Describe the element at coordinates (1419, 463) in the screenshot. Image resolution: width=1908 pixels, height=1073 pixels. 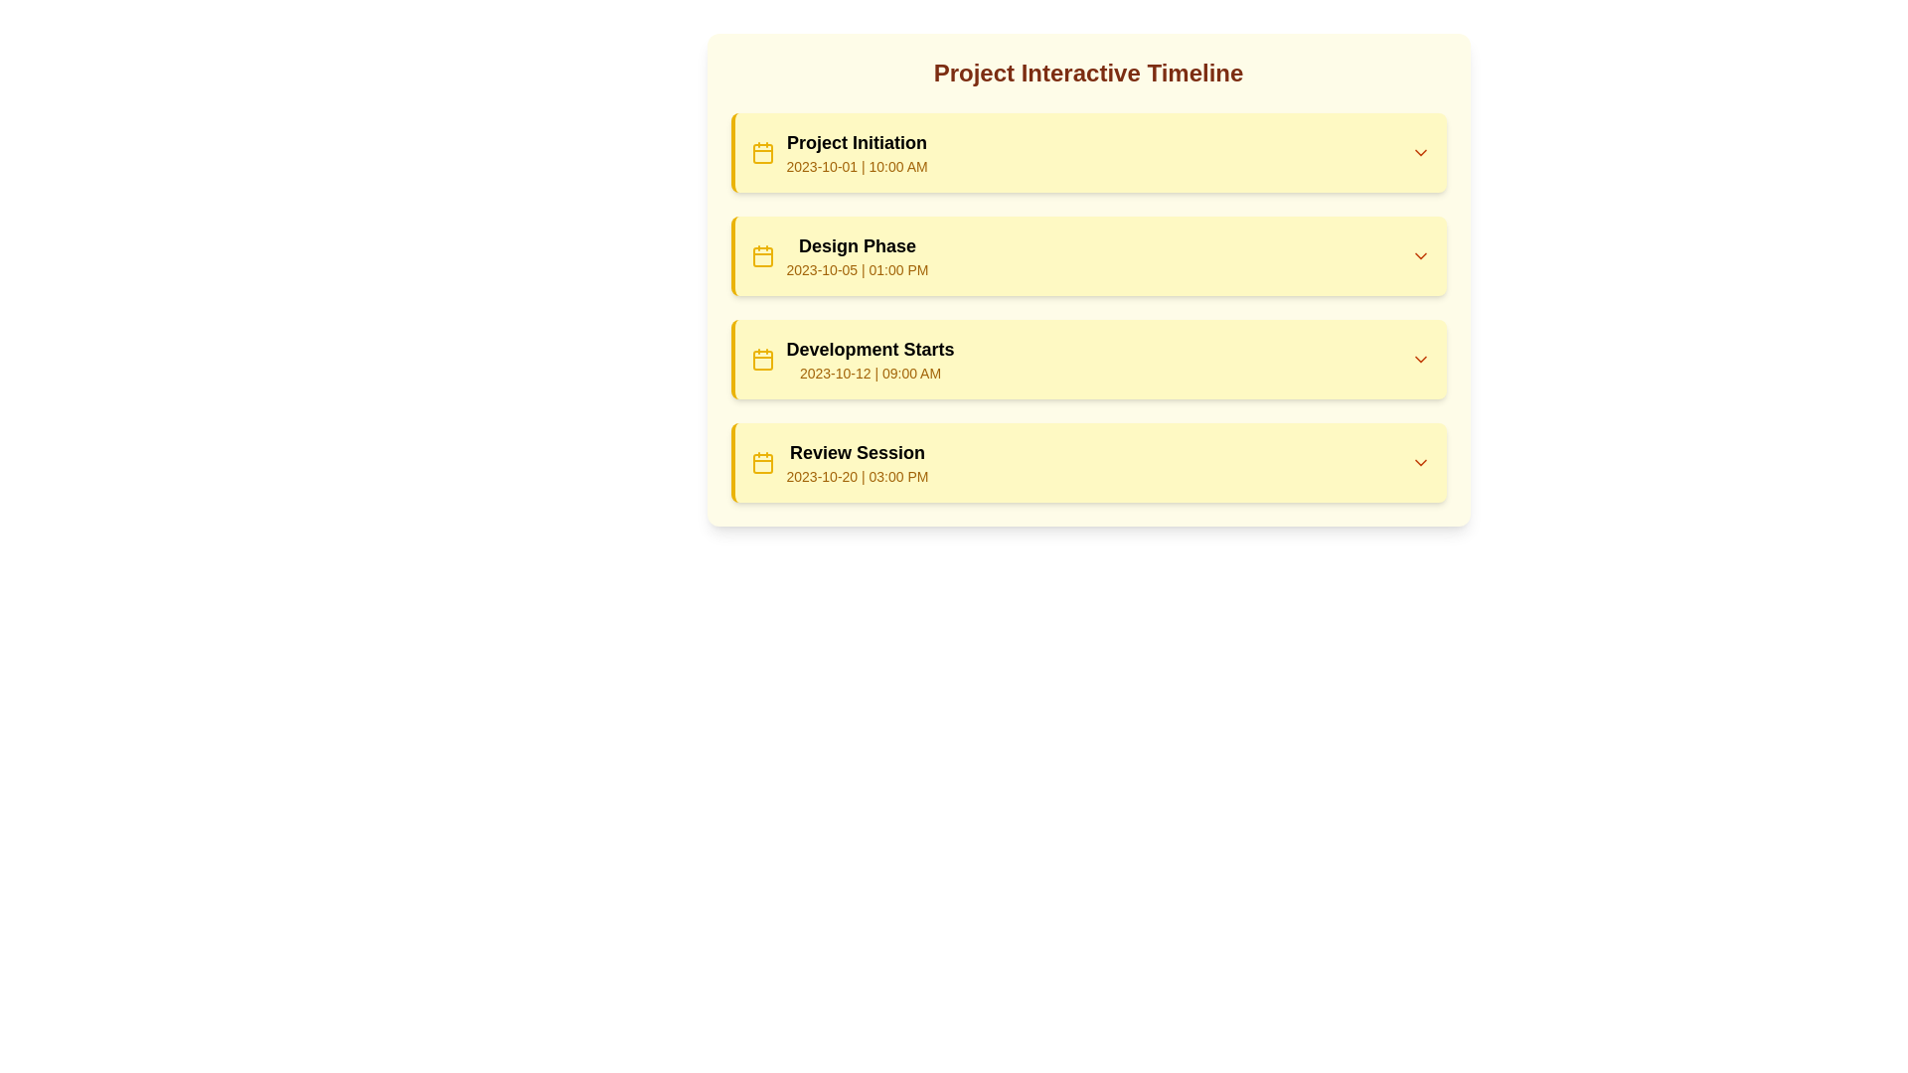
I see `the orange downwards arrow icon of the Dropdown toggle button located at the right edge of the 'Review Session' panel to receive potential UI feedback` at that location.